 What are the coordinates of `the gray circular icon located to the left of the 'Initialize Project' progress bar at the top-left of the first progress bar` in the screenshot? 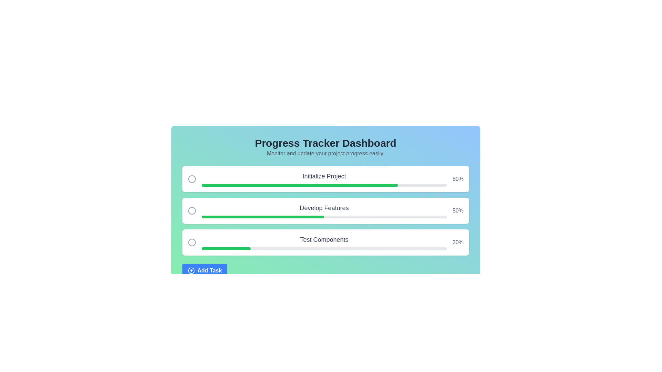 It's located at (192, 179).